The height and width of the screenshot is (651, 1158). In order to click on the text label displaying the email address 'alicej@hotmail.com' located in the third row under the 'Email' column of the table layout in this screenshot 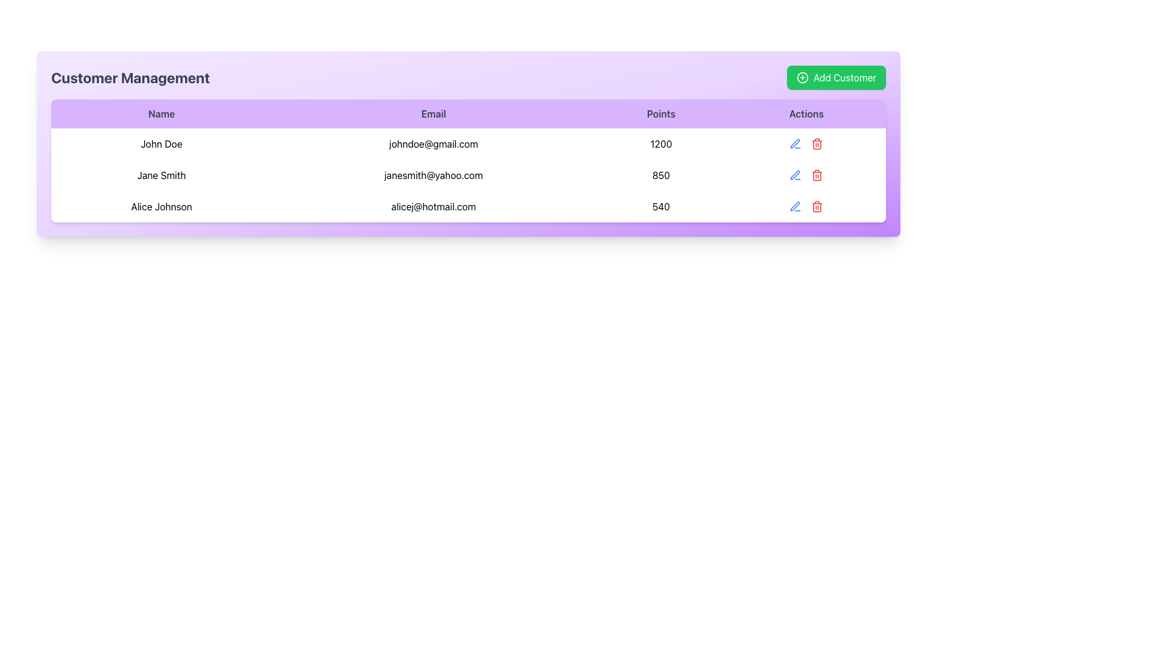, I will do `click(434, 206)`.